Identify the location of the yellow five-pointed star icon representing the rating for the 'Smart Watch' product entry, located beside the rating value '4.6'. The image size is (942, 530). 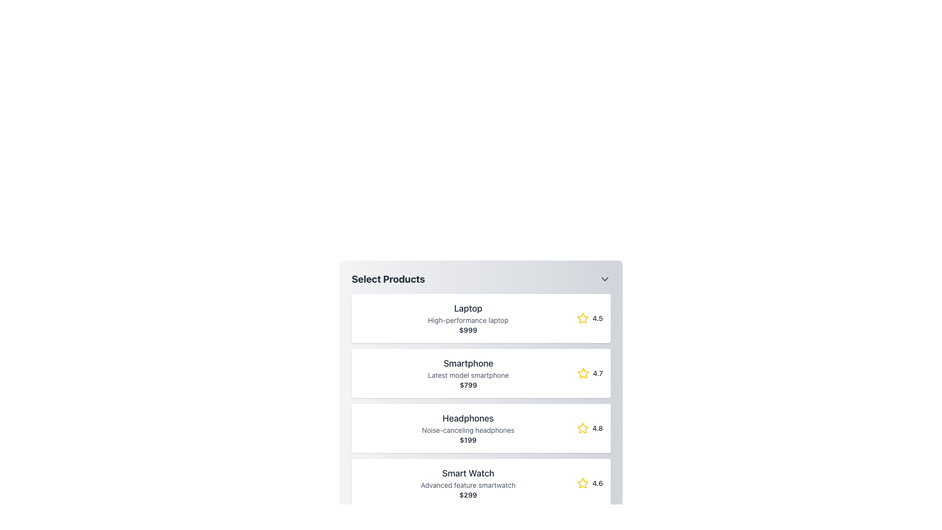
(582, 482).